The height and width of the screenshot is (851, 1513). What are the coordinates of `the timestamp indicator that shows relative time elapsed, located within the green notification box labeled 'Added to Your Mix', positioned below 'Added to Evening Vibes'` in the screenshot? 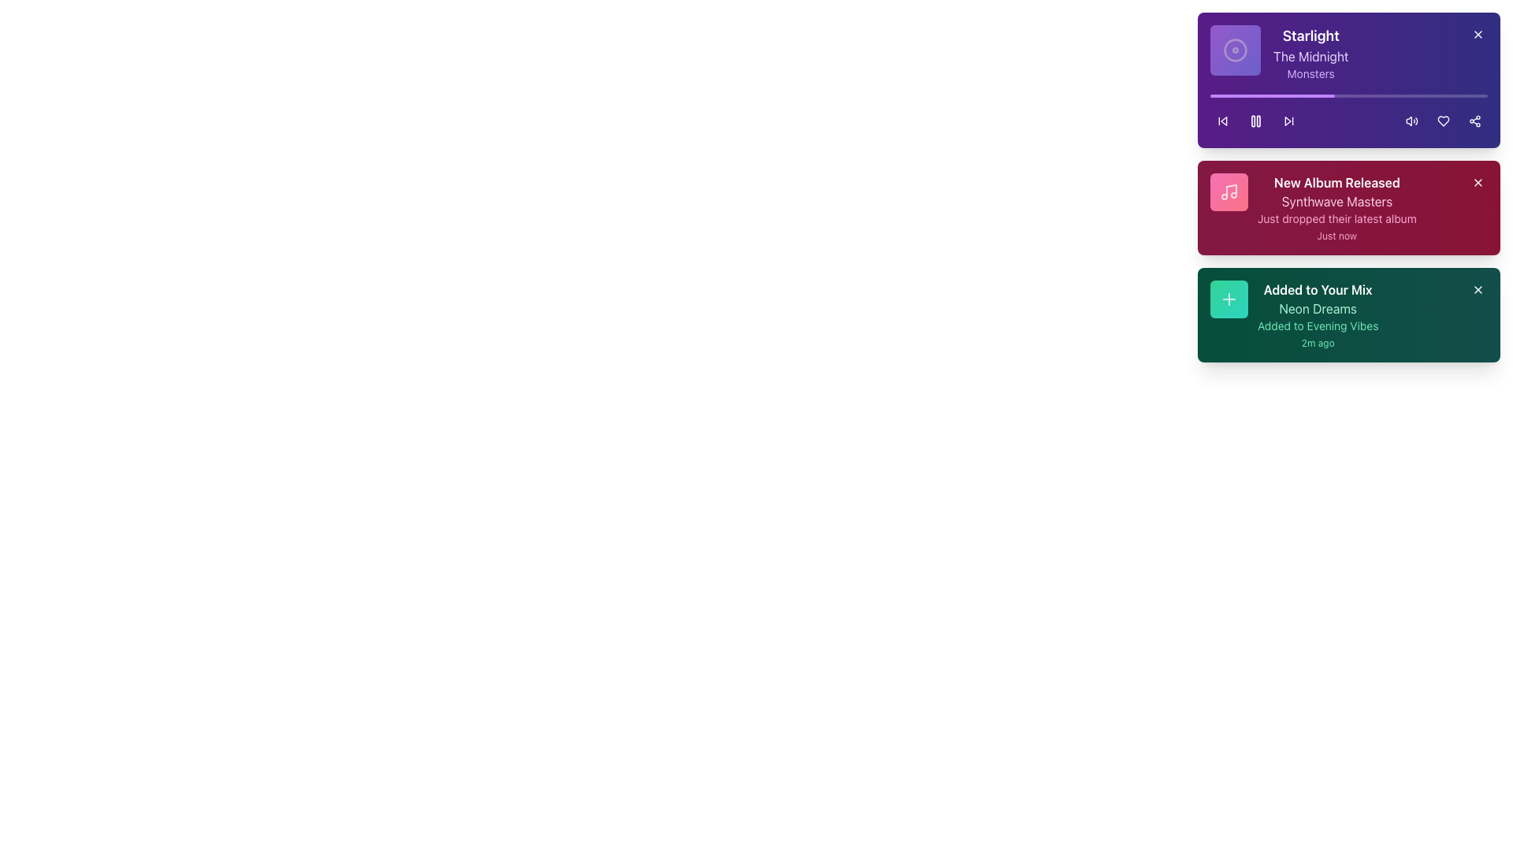 It's located at (1318, 342).